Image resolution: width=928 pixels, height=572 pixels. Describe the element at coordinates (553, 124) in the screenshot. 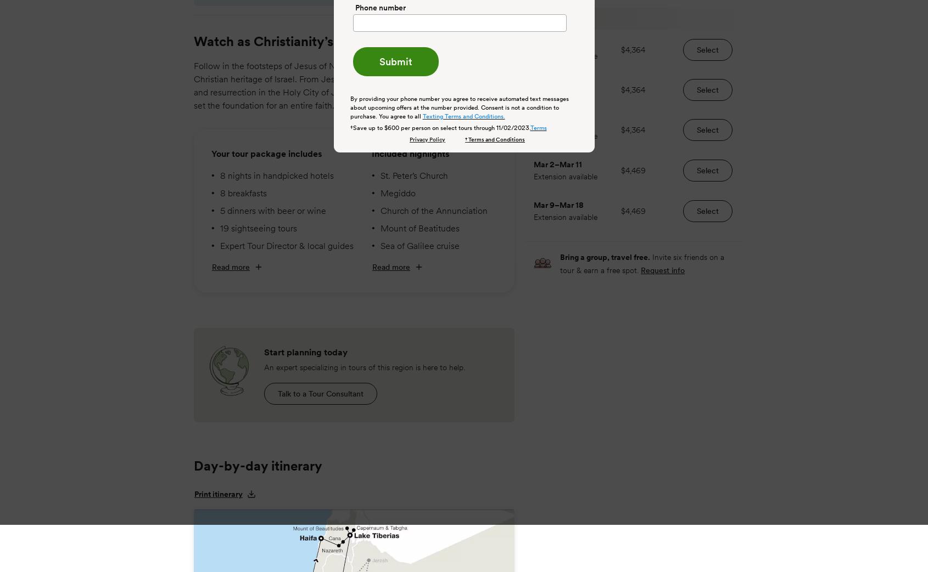

I see `'Feb 24'` at that location.